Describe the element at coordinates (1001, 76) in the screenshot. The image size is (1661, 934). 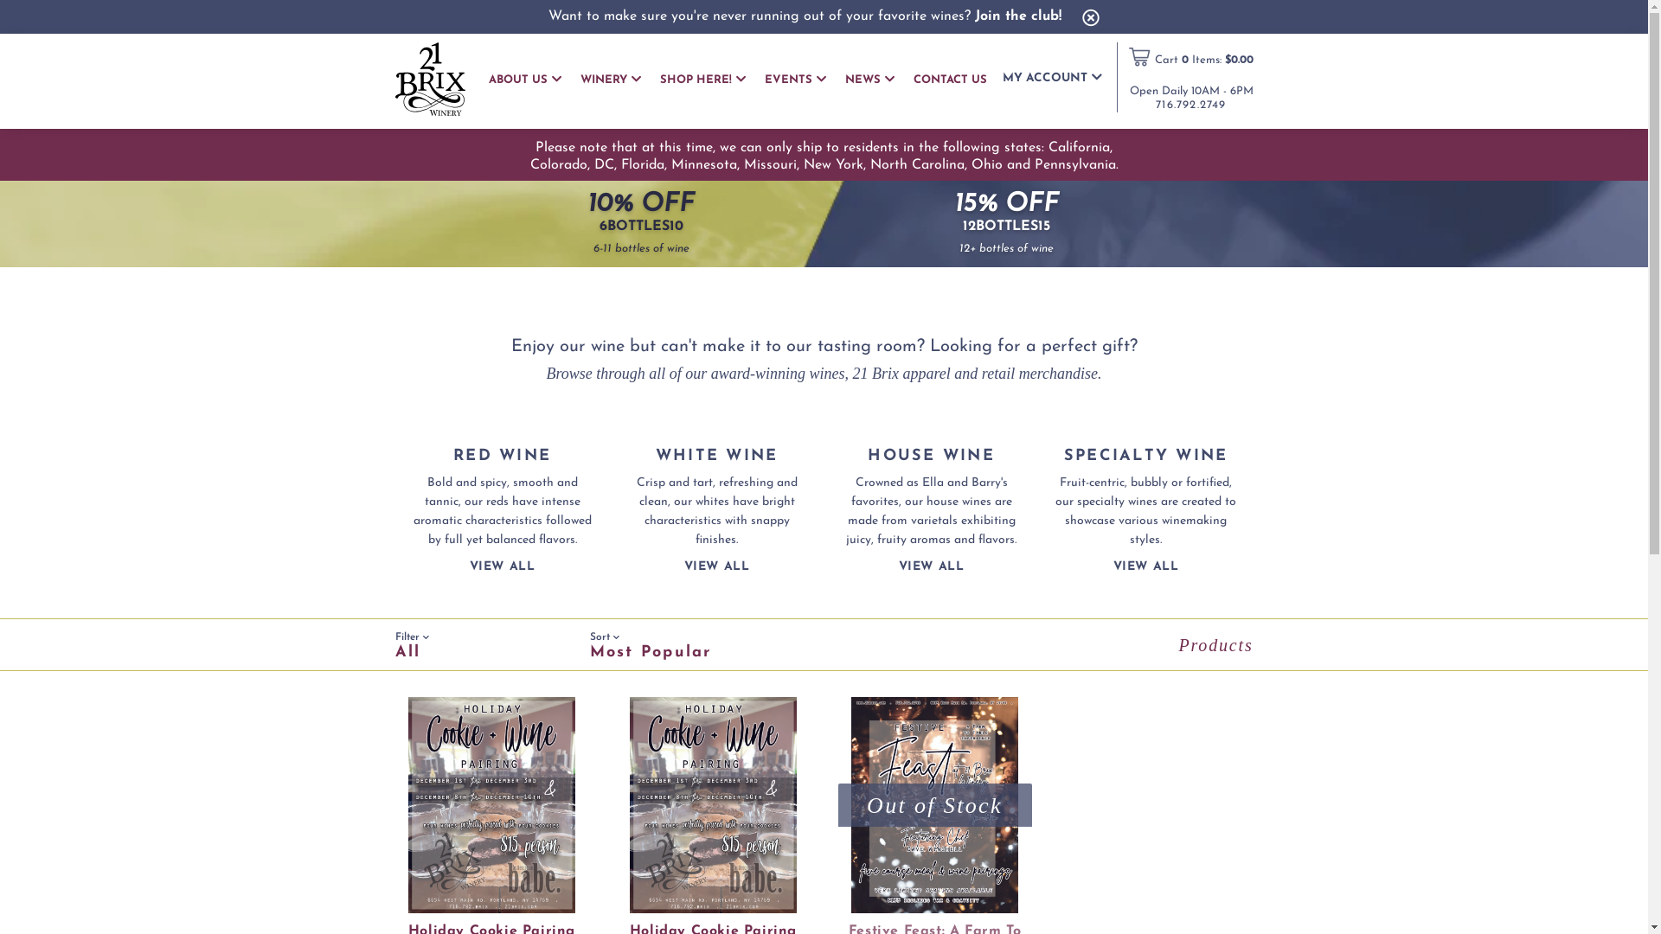
I see `'MY ACCOUNT'` at that location.